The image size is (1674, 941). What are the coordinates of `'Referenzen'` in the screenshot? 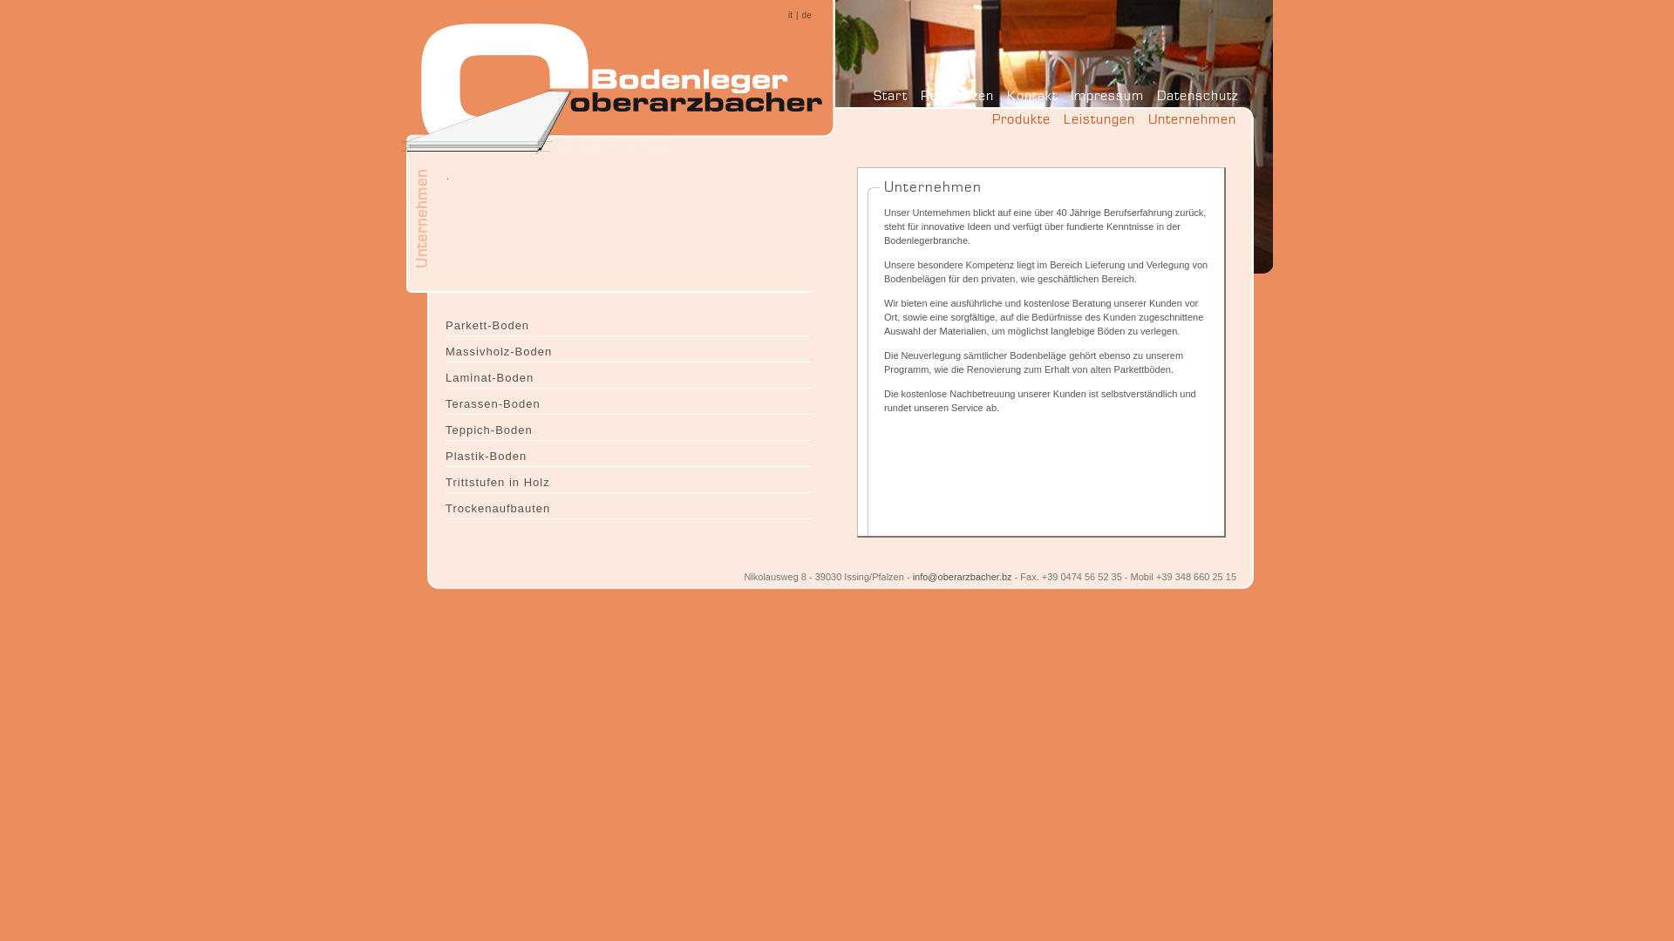 It's located at (956, 95).